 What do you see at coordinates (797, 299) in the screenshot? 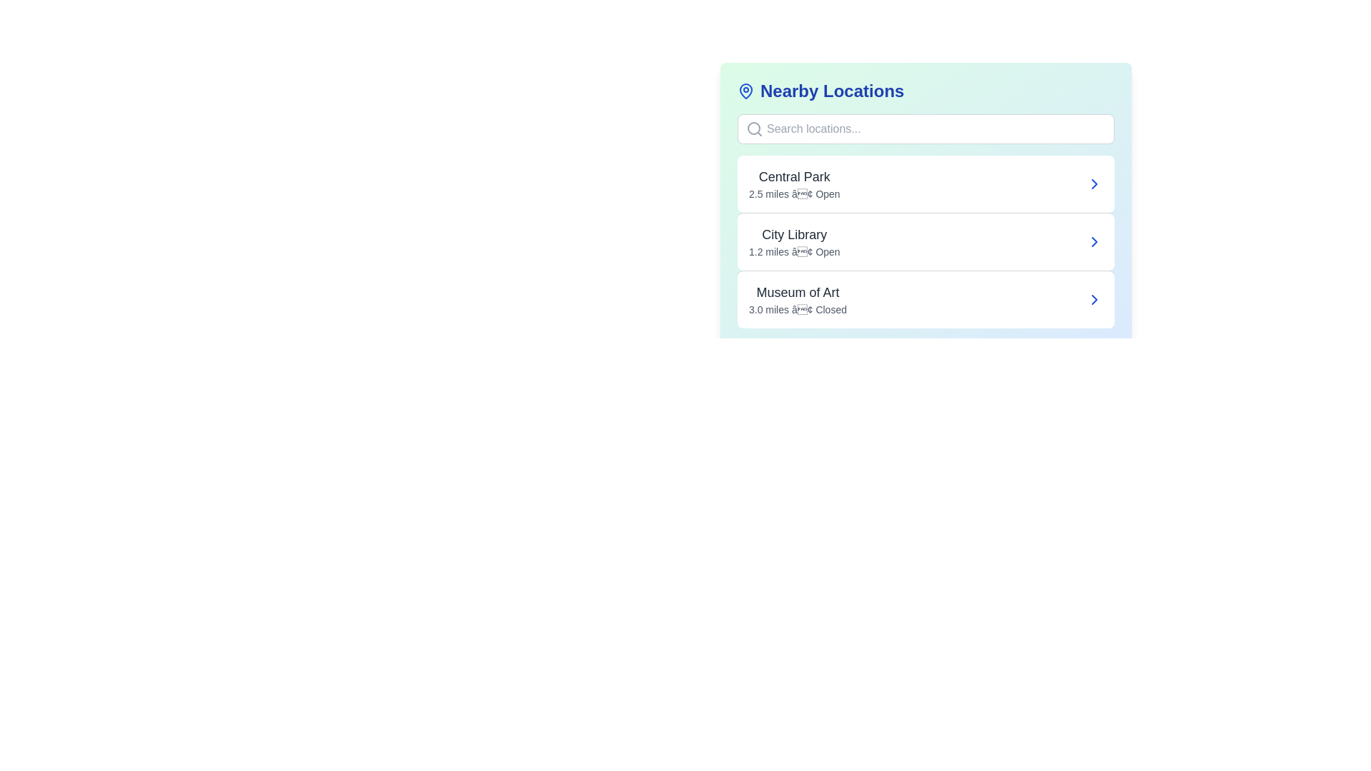
I see `the list entry for 'Museum of Art', which is the third item in the vertical list of locations, located to the right of the 'Nearby Locations' heading` at bounding box center [797, 299].